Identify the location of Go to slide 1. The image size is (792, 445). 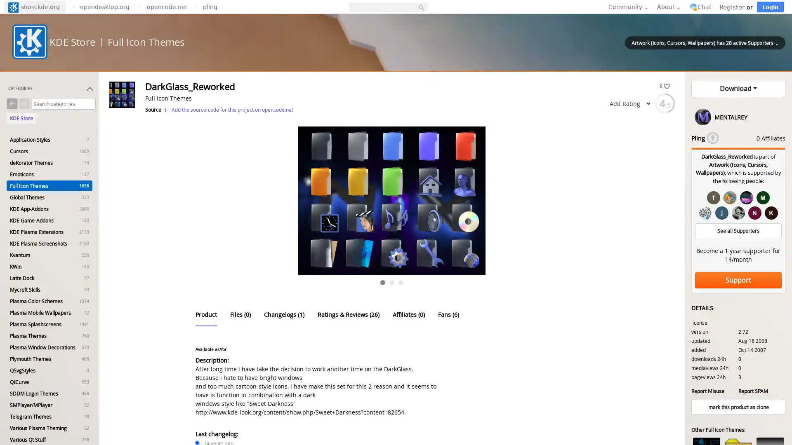
(382, 282).